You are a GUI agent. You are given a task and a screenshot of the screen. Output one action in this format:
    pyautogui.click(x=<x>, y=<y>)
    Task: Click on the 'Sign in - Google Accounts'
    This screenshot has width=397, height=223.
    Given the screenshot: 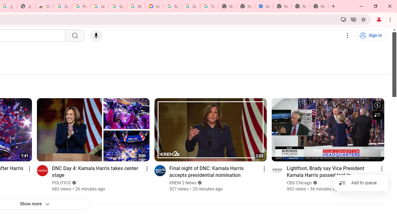 What is the action you would take?
    pyautogui.click(x=63, y=6)
    